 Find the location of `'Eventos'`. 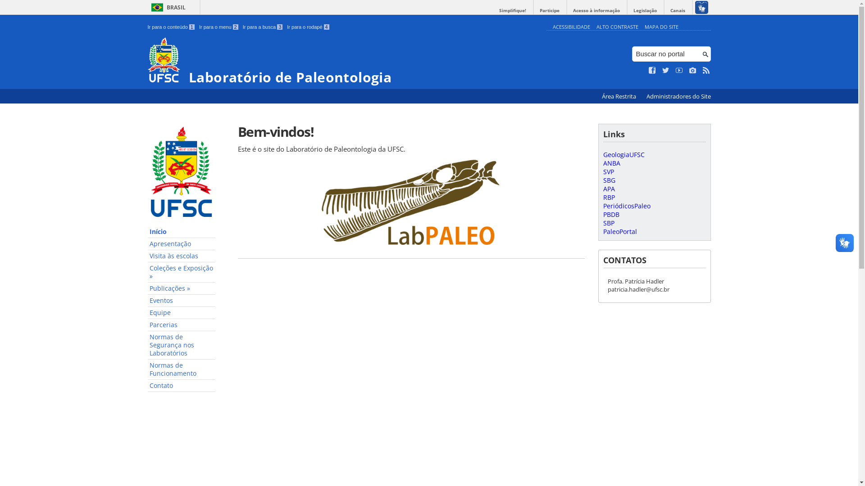

'Eventos' is located at coordinates (181, 301).